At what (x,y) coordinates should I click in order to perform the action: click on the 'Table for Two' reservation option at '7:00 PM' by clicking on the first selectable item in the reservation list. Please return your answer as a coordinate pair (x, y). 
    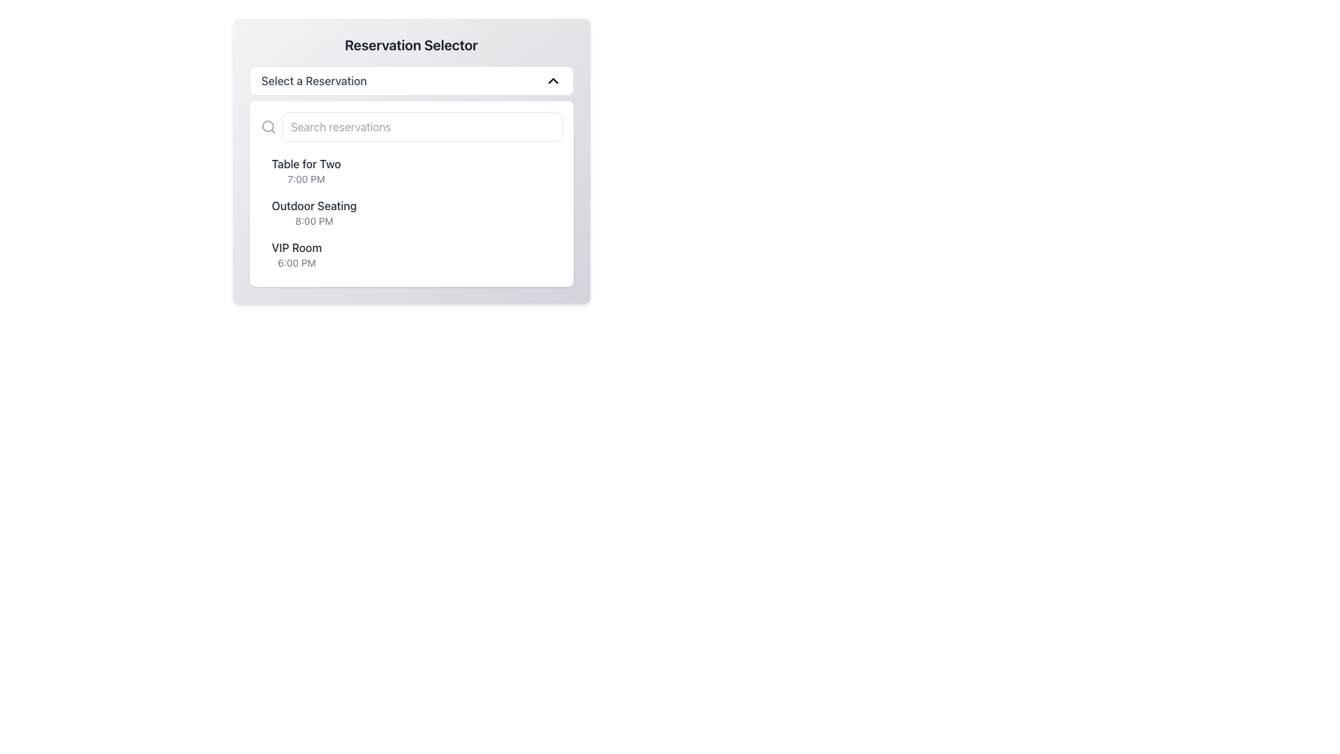
    Looking at the image, I should click on (410, 170).